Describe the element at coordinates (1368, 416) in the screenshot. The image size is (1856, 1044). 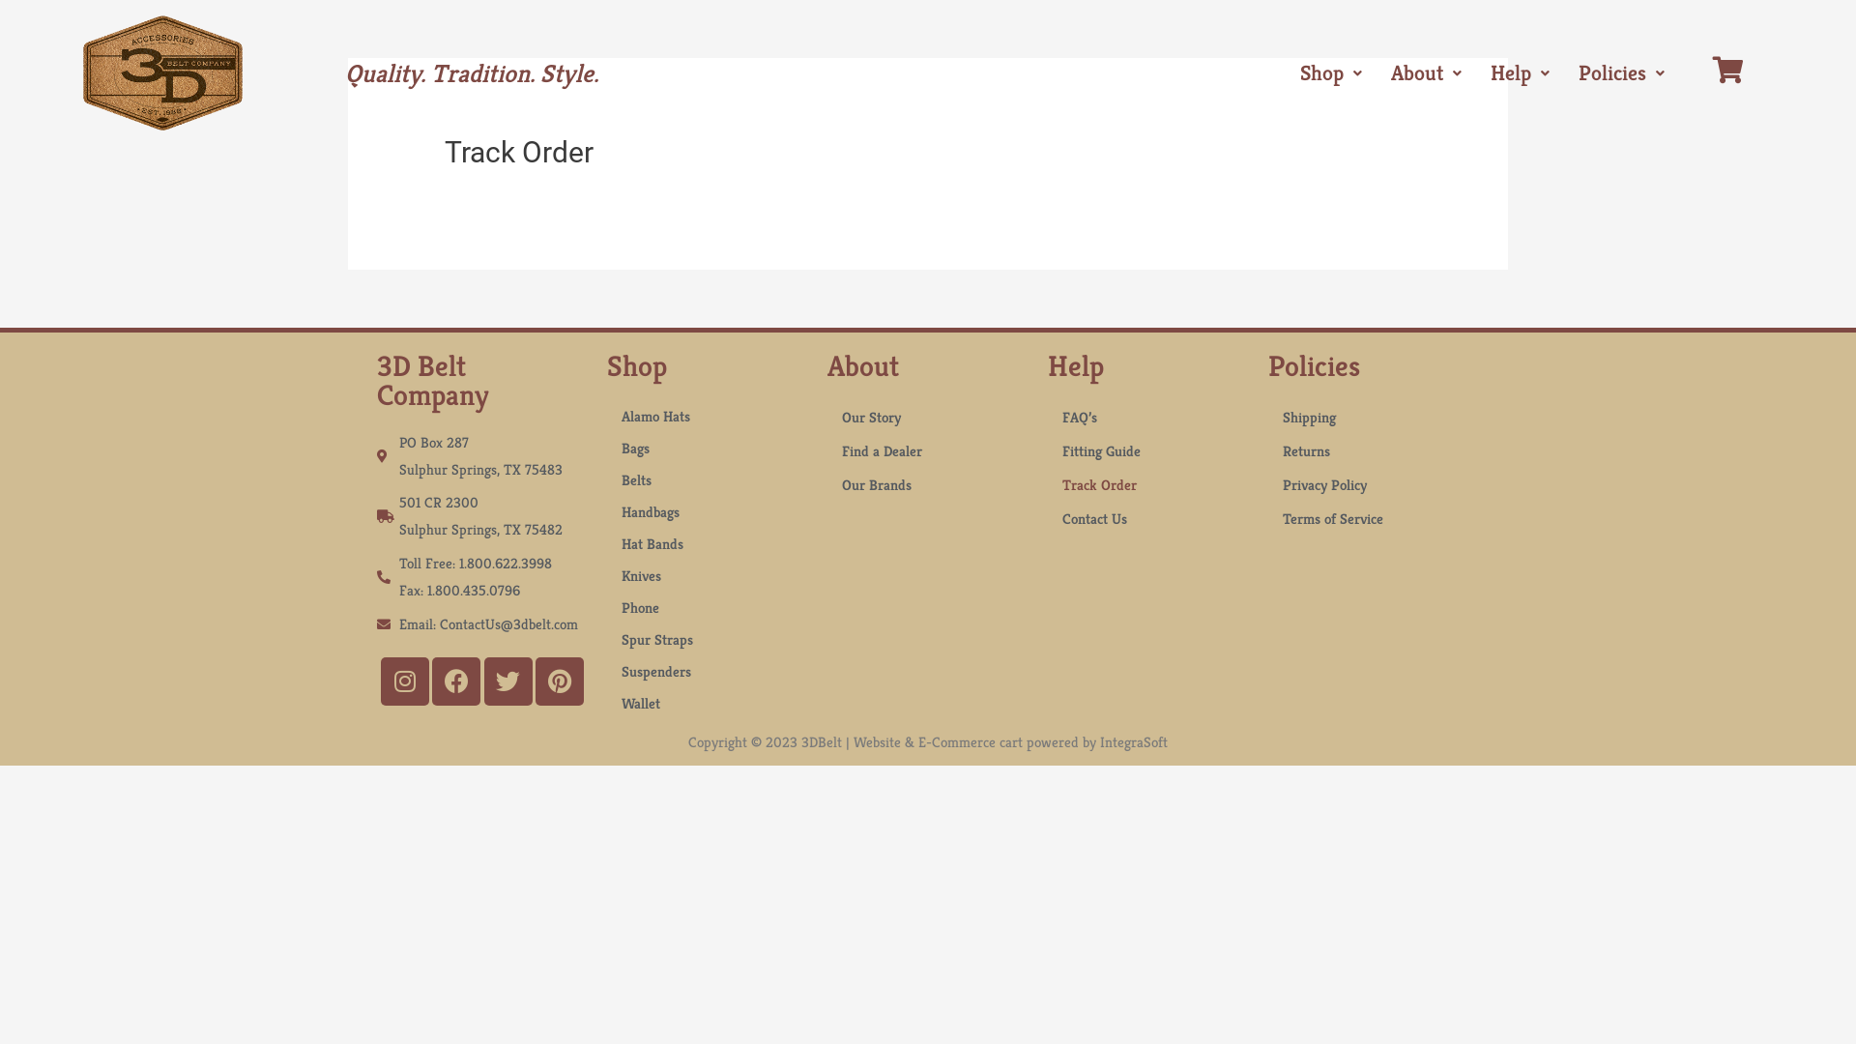
I see `'Shipping'` at that location.